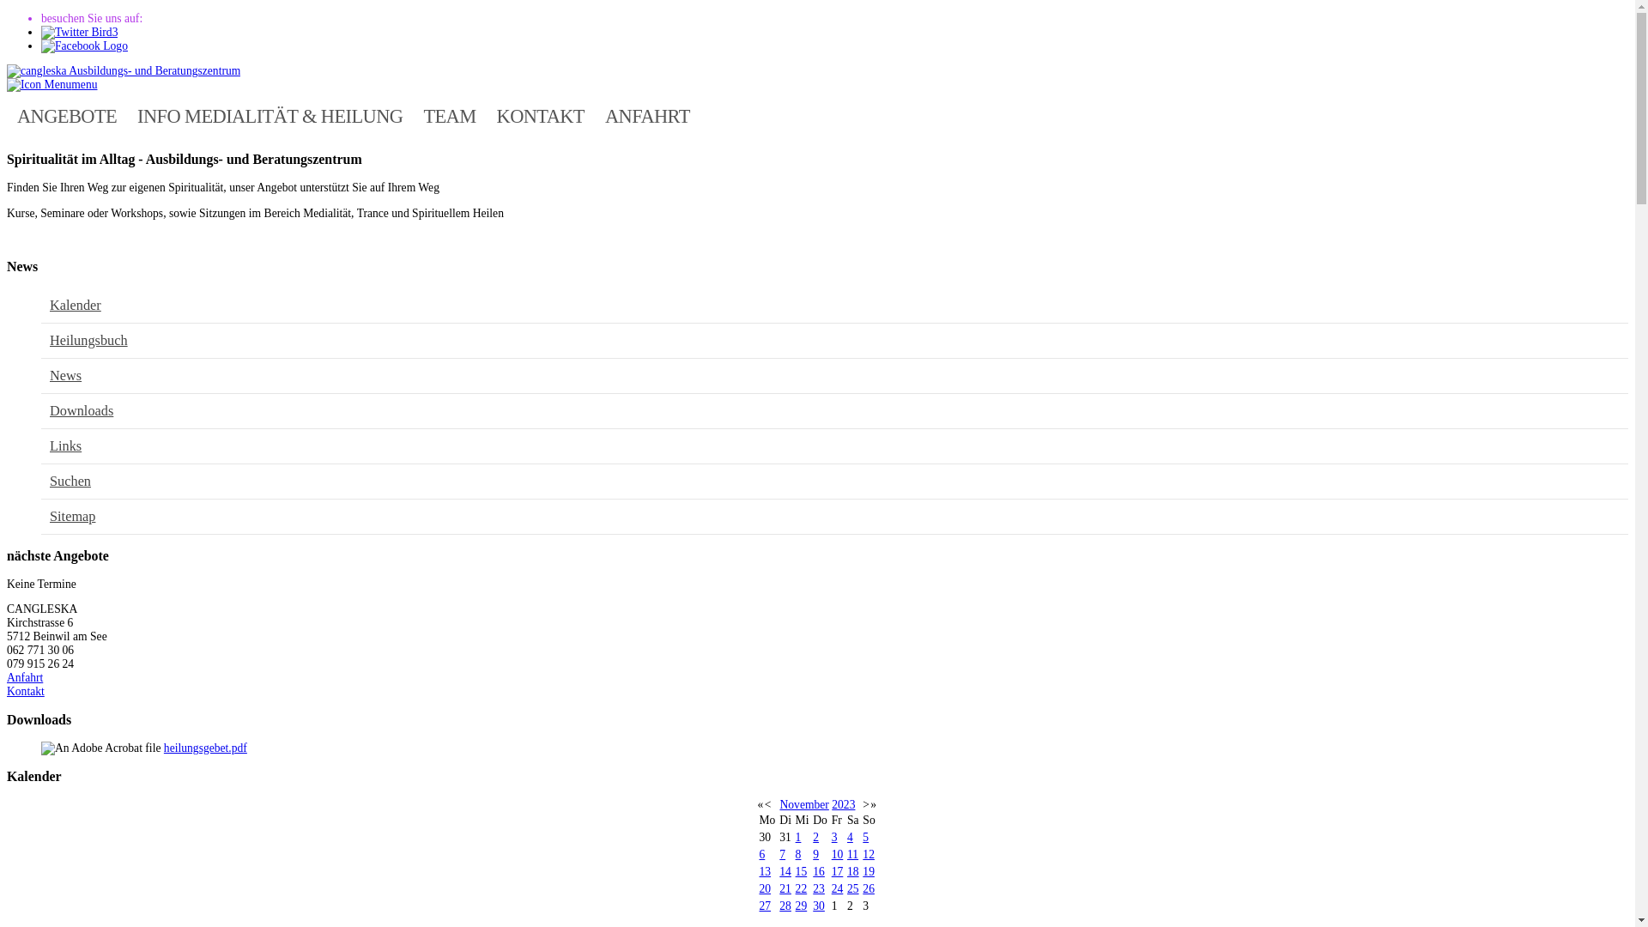 Image resolution: width=1648 pixels, height=927 pixels. I want to click on '9', so click(815, 854).